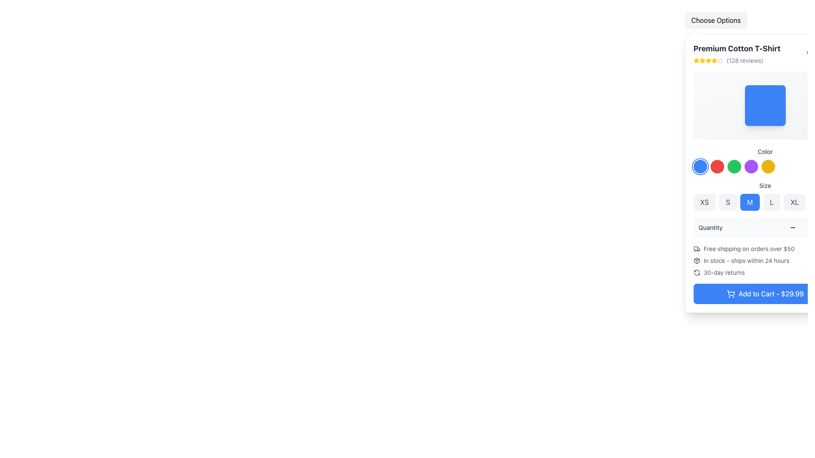 The height and width of the screenshot is (458, 815). Describe the element at coordinates (736, 49) in the screenshot. I see `the Text Display element that serves as the title or name of the product, located at the top of the product details section, above the rating component and review count` at that location.